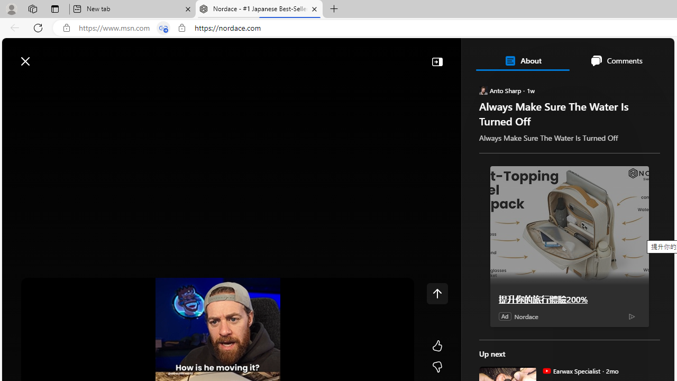  Describe the element at coordinates (482, 89) in the screenshot. I see `'Anto Sharp'` at that location.